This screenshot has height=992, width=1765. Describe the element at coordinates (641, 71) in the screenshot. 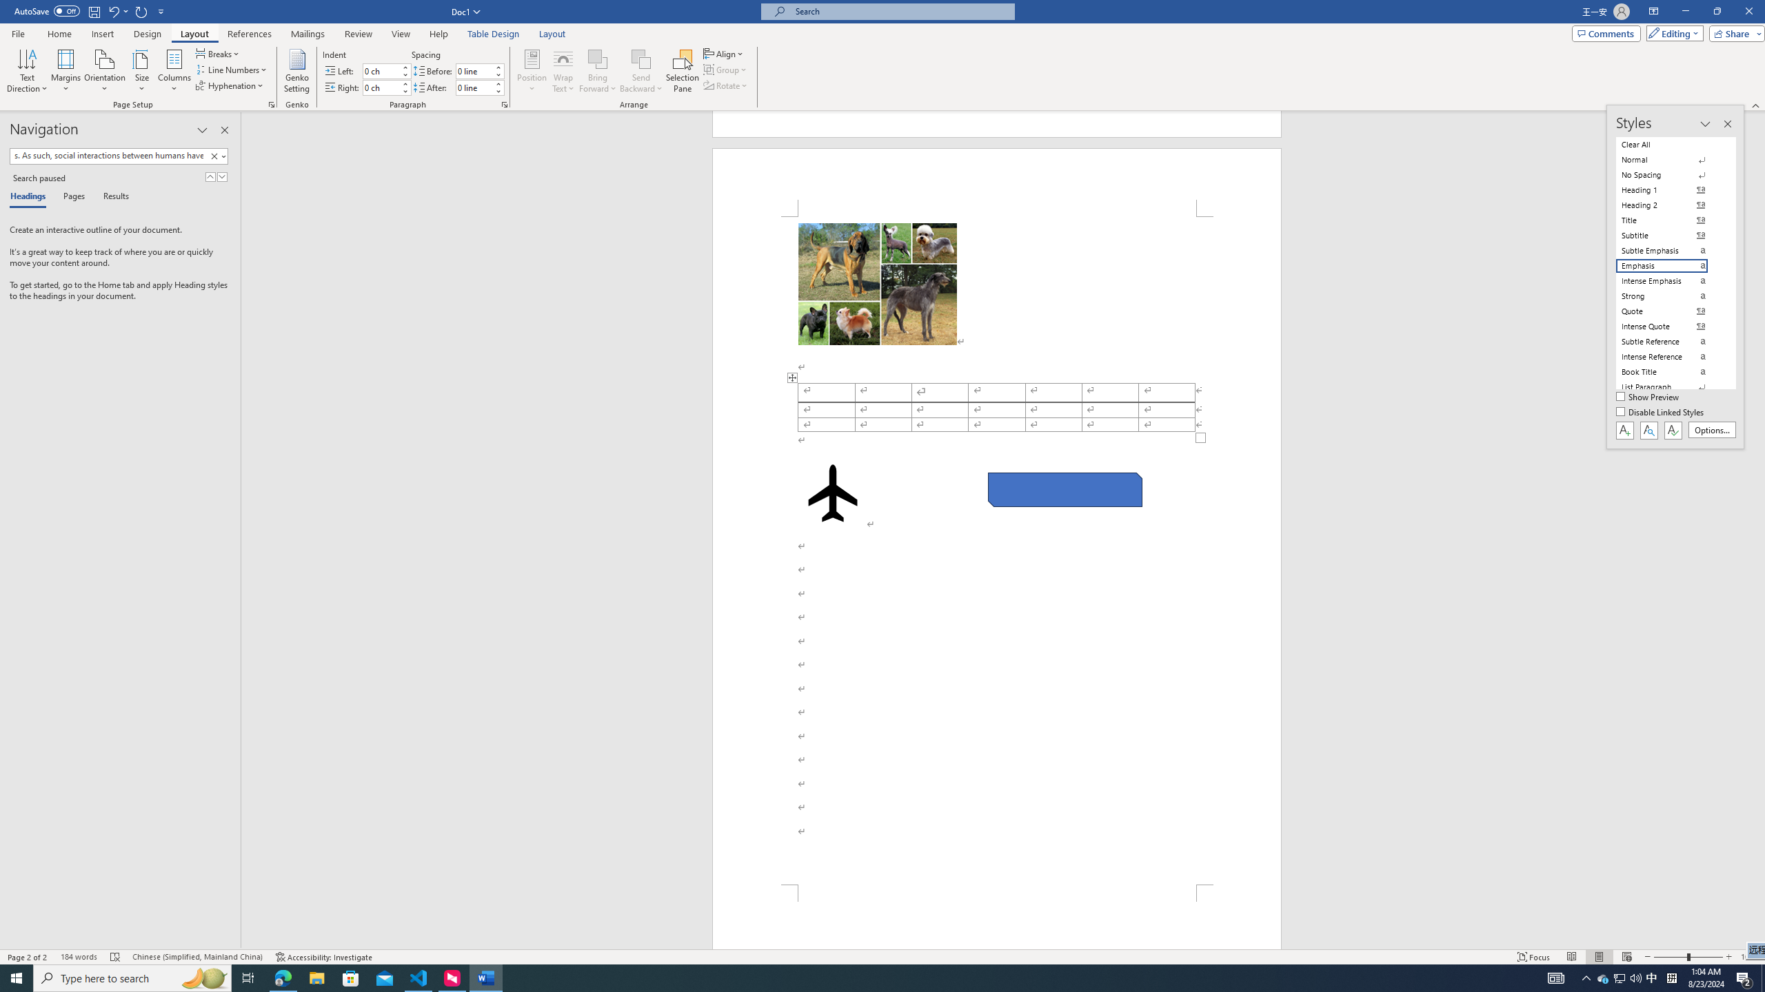

I see `'Send Backward'` at that location.